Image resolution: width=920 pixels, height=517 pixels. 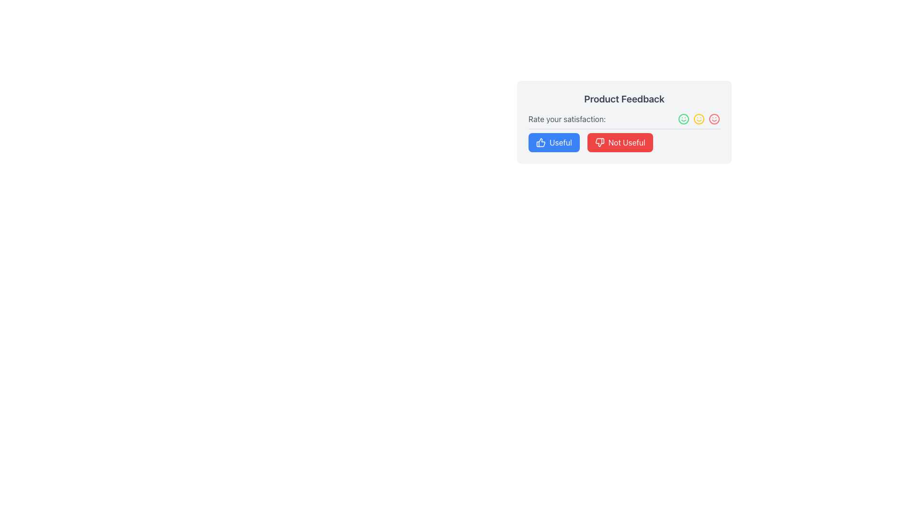 What do you see at coordinates (599, 142) in the screenshot?
I see `the thumbs-down icon inside the red 'Not Useful' button to provide a 'Not Useful' rating` at bounding box center [599, 142].